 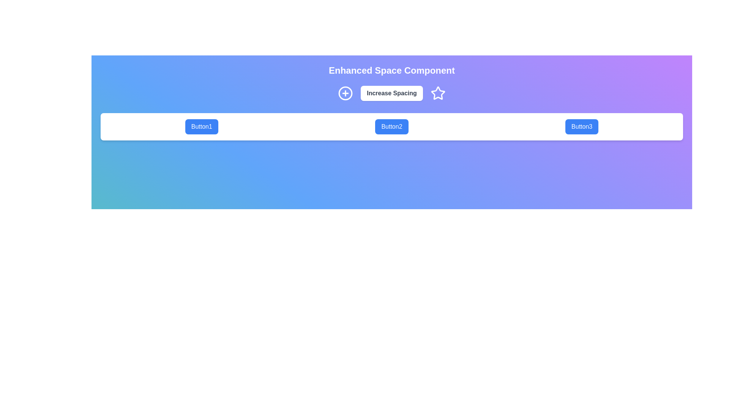 What do you see at coordinates (392, 93) in the screenshot?
I see `the button UI component that increases spacing, located centrally between a circular plus sign and a star icon` at bounding box center [392, 93].